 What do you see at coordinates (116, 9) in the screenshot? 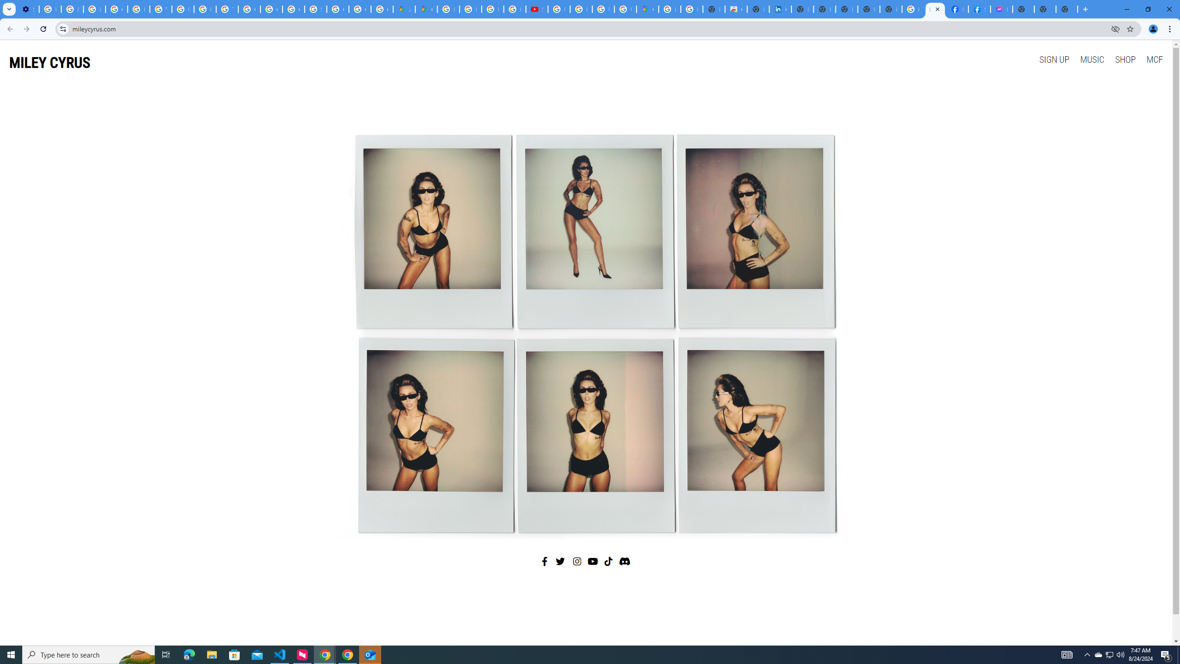
I see `'Google Account Help'` at bounding box center [116, 9].